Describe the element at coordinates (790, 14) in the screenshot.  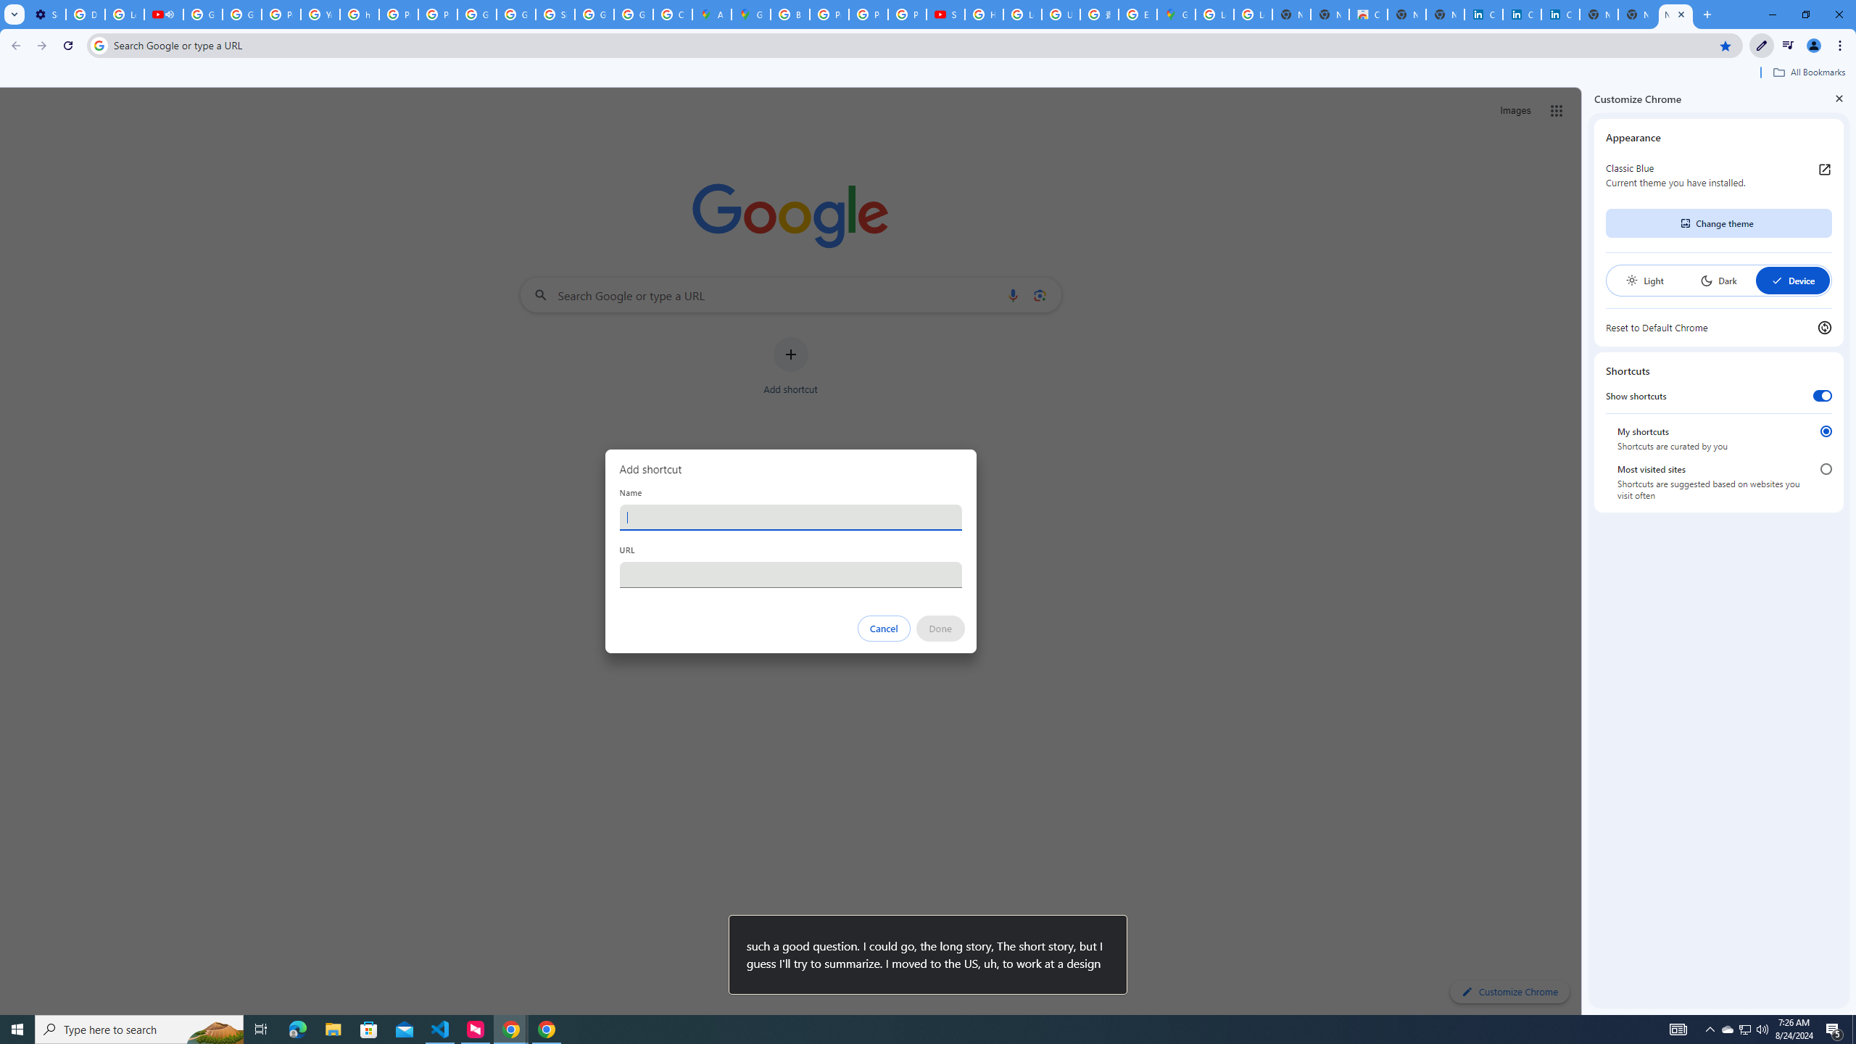
I see `'Blogger Policies and Guidelines - Transparency Center'` at that location.